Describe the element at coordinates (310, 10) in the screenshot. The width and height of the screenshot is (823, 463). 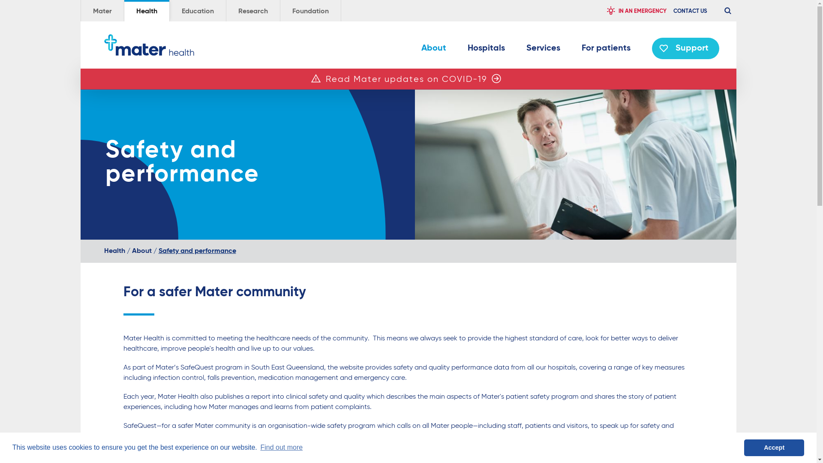
I see `'Foundation'` at that location.